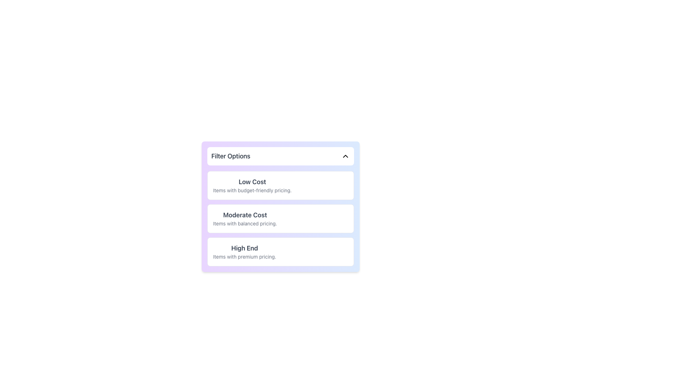  Describe the element at coordinates (280, 218) in the screenshot. I see `the 'Moderate Cost' interactive card, which is the second card in the vertically arranged filter options, positioned below the 'Low Cost' card and above the 'High End' card` at that location.